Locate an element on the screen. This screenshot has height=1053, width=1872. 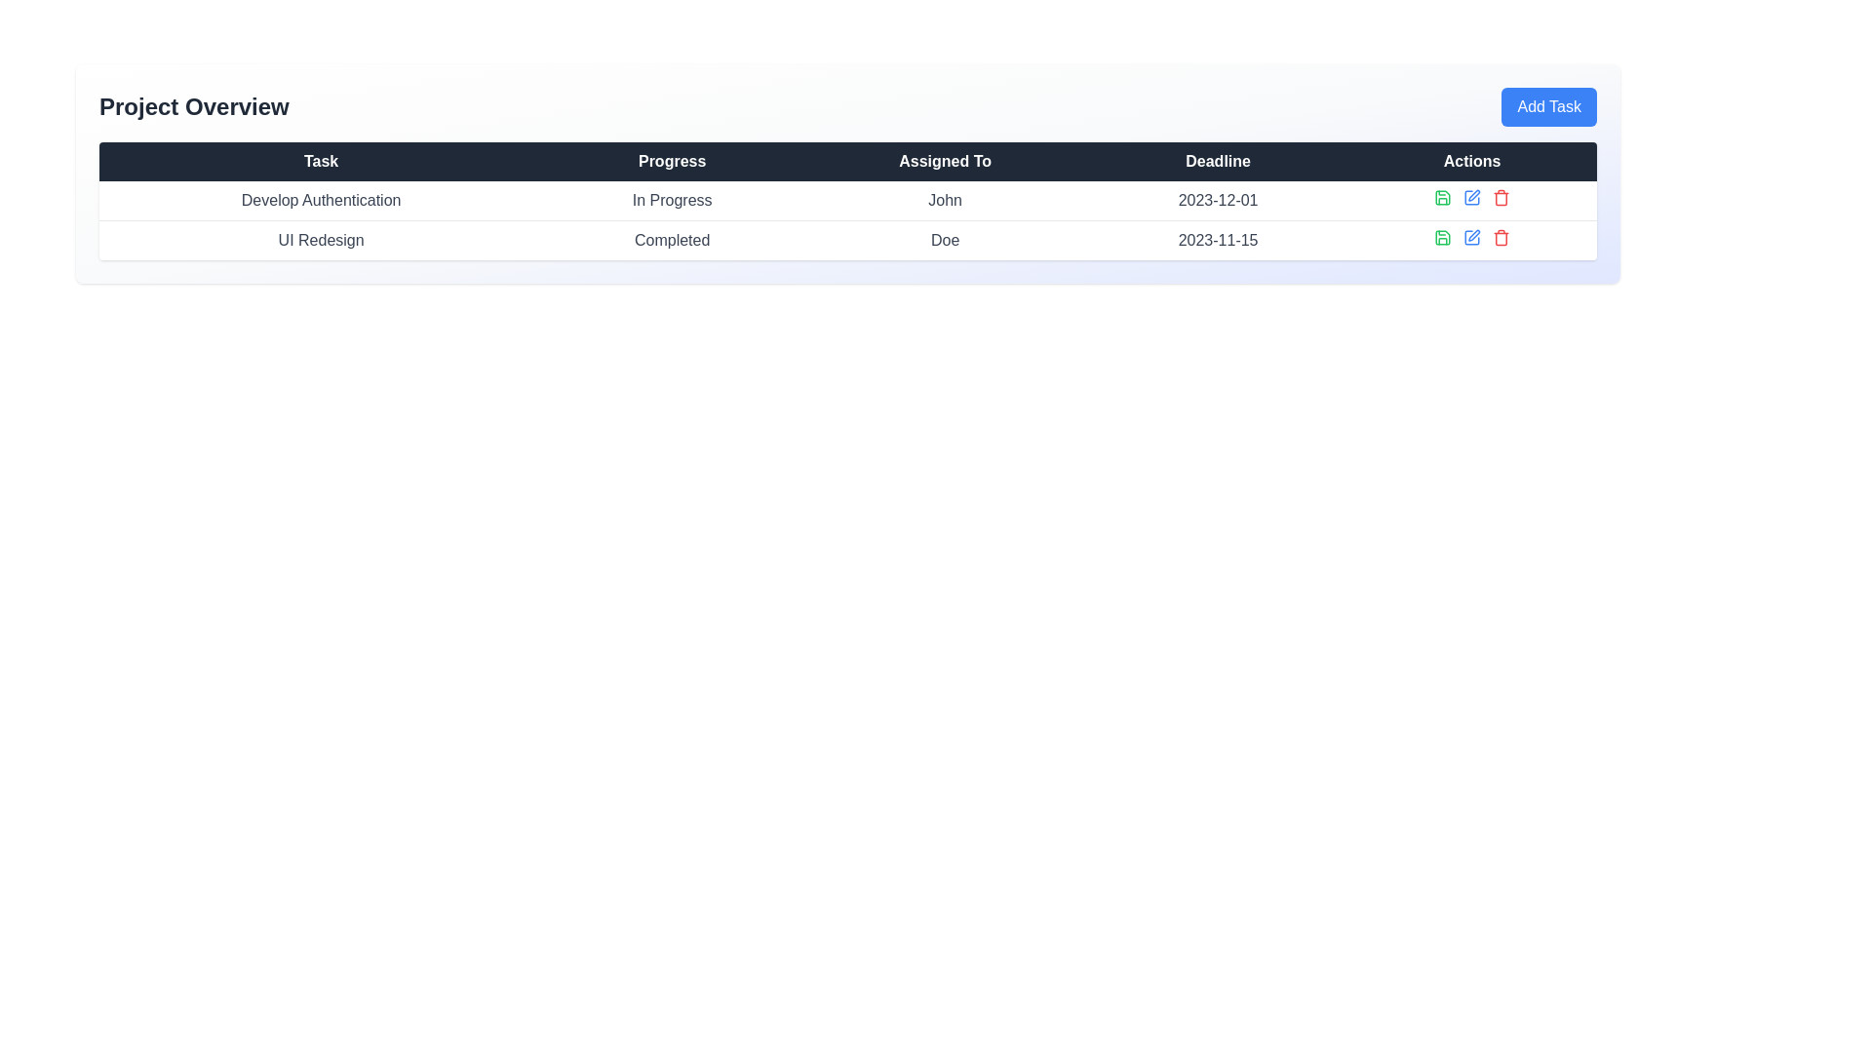
the Text label that displays the name of a task being tracked, located in the first item of a row under the 'Task' column in the table is located at coordinates (321, 201).